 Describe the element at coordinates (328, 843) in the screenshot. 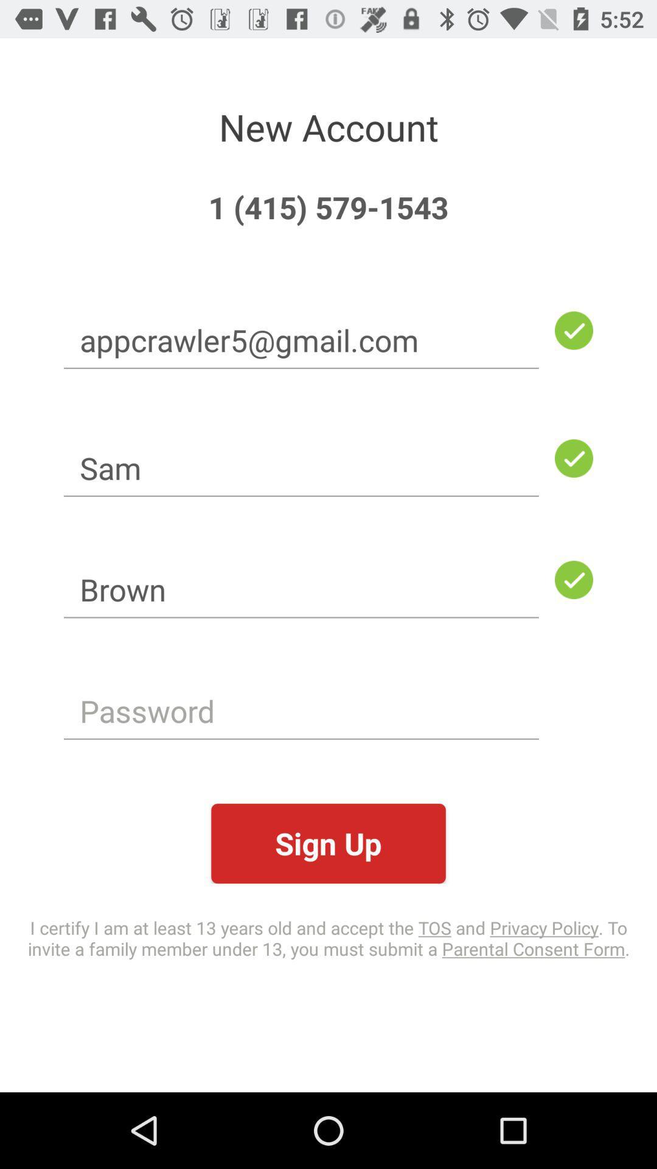

I see `sign up icon` at that location.